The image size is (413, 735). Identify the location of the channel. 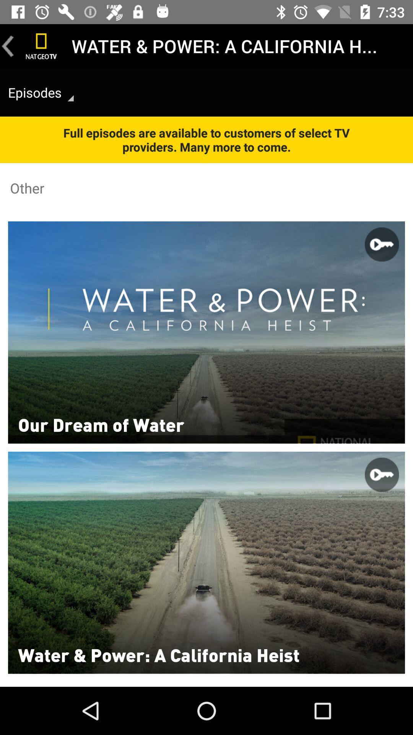
(41, 46).